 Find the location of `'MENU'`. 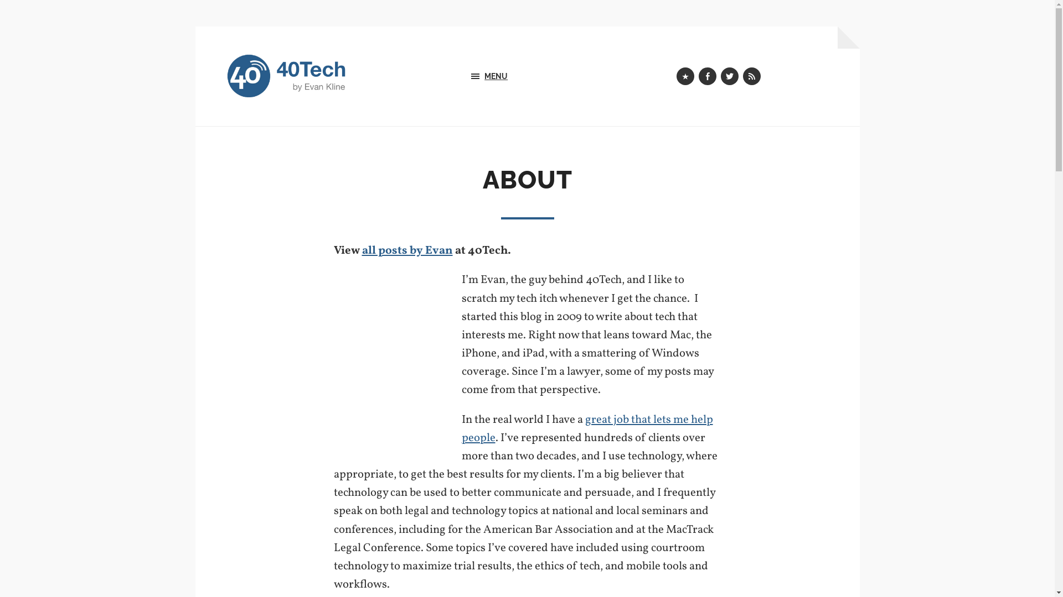

'MENU' is located at coordinates (471, 76).